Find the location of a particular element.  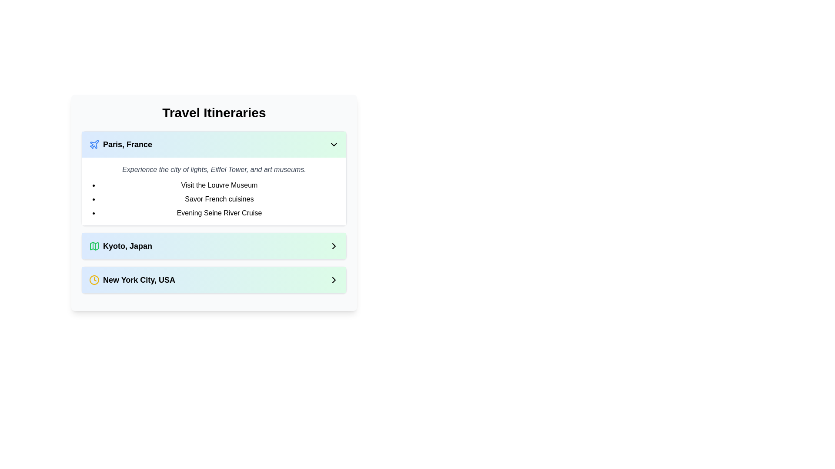

the right-facing chevron icon located at the end of the 'Kyoto, Japan' entry in the 'Travel Itineraries' interface to proceed with the selection is located at coordinates (334, 246).